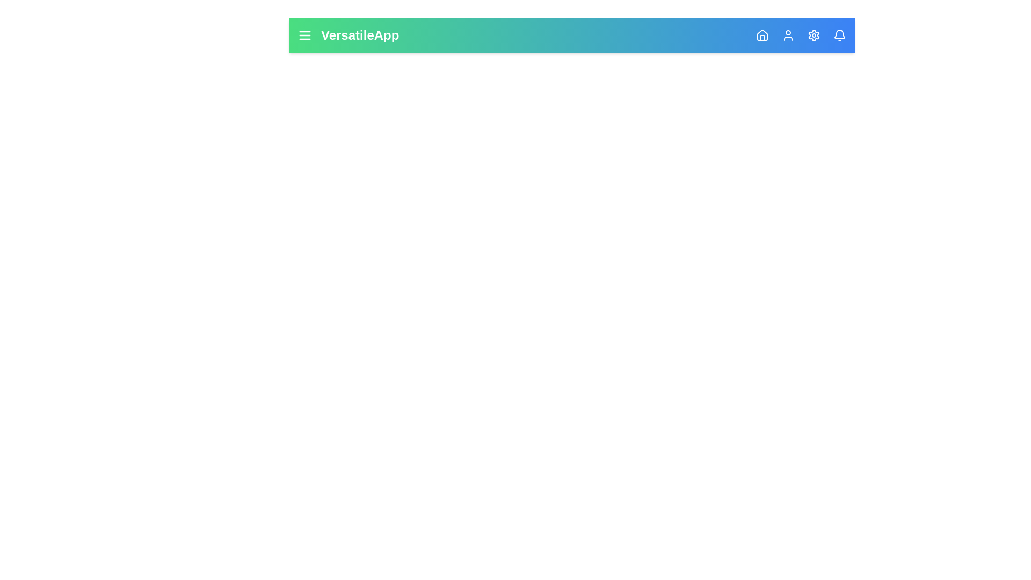 The image size is (1031, 580). I want to click on the navigation icon user, so click(788, 34).